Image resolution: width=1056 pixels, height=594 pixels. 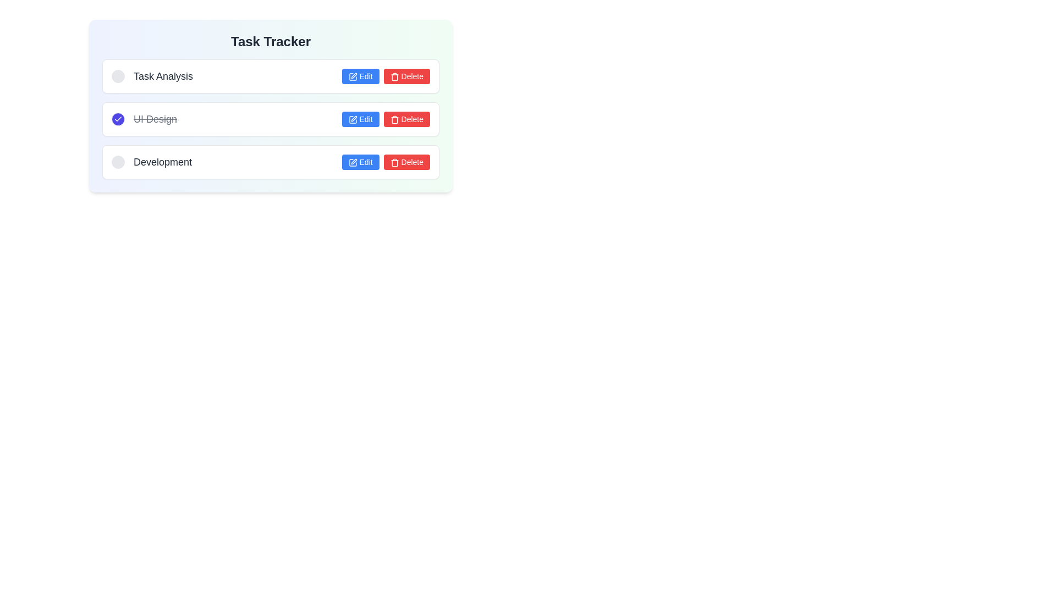 What do you see at coordinates (360, 162) in the screenshot?
I see `the 'Edit' button corresponding to the 'Development' task in the third row of the task list for interaction` at bounding box center [360, 162].